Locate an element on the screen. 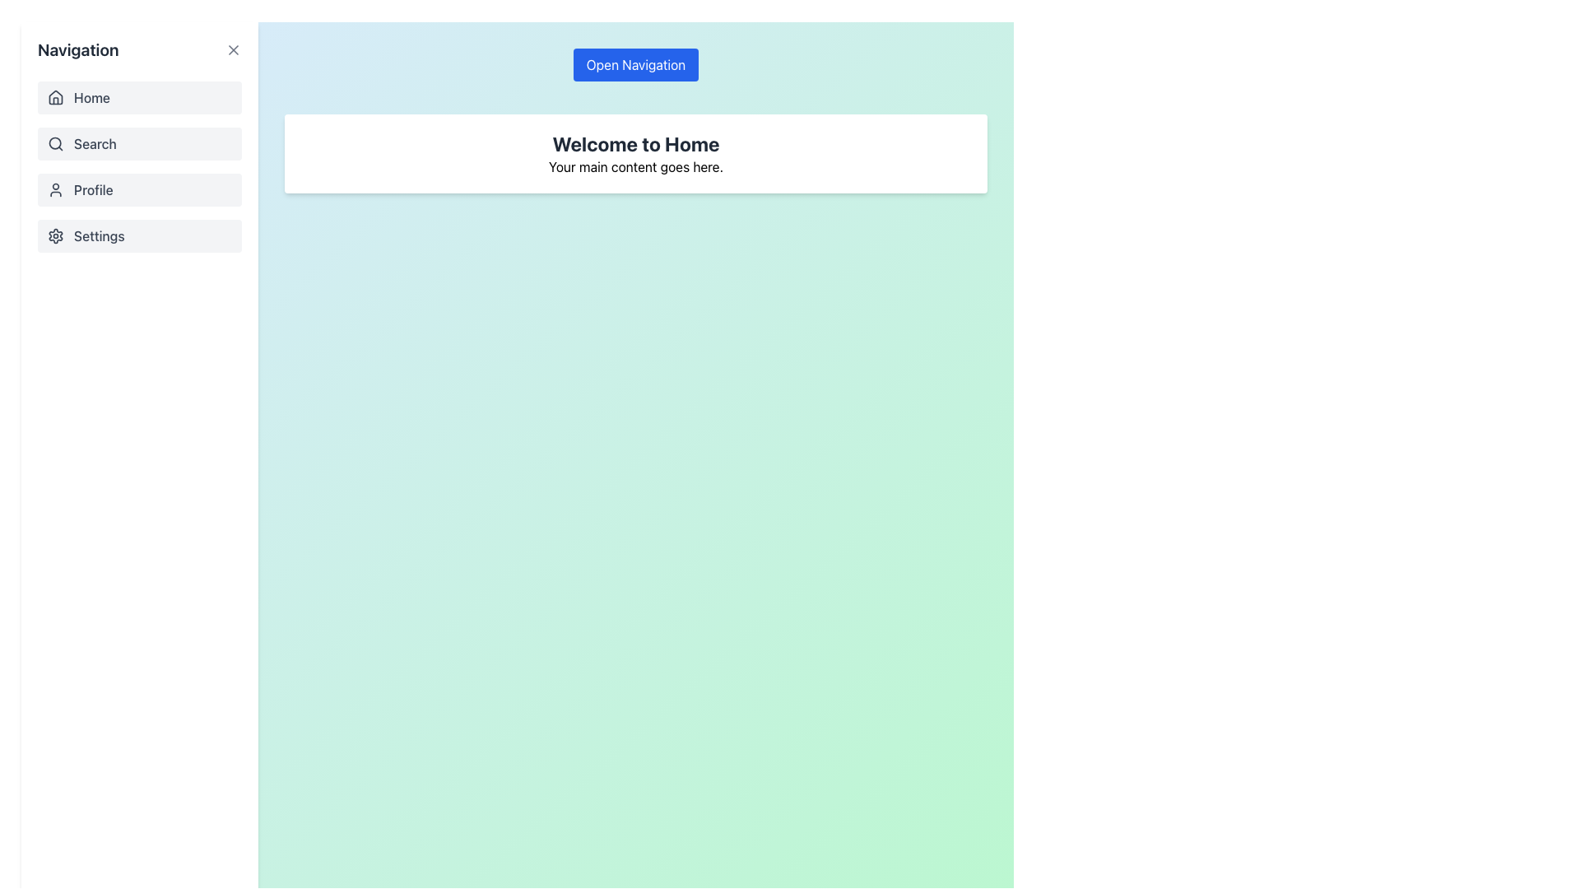 Image resolution: width=1580 pixels, height=889 pixels. the text label that serves as a header for the navigation panel, positioned at the top-left corner of the sidebar is located at coordinates (77, 49).